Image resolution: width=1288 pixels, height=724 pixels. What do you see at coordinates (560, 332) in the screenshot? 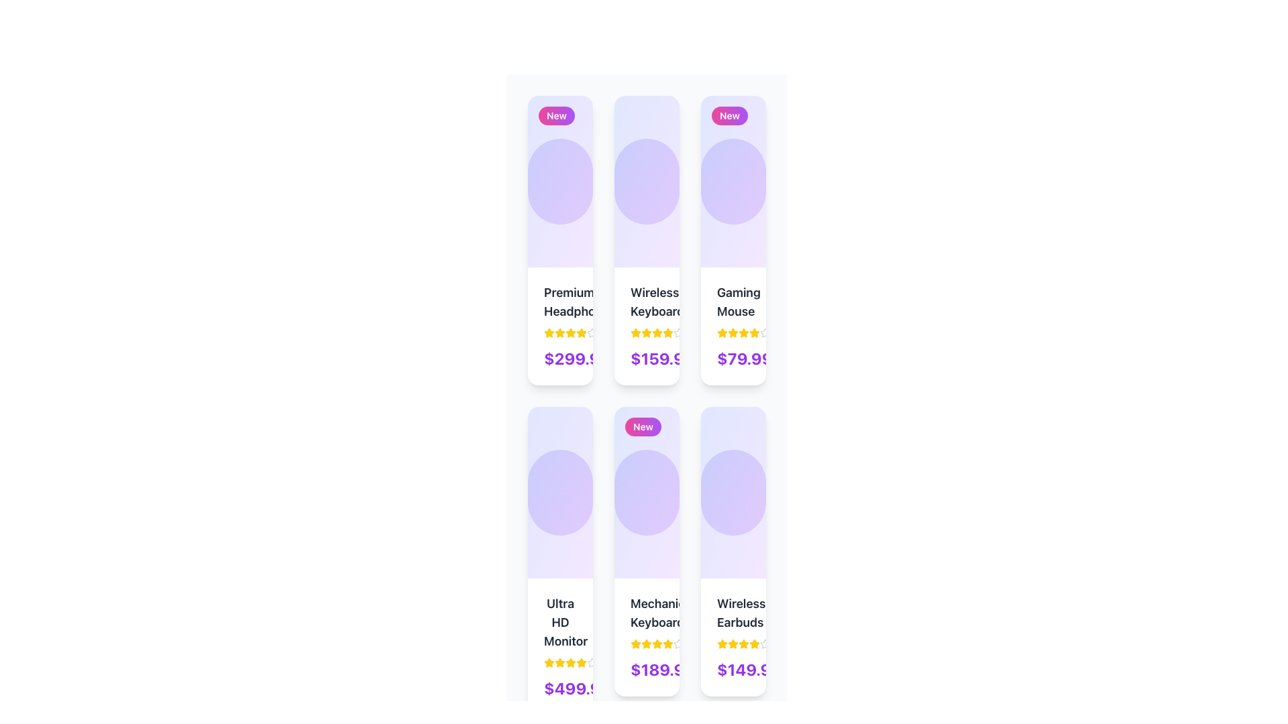
I see `the fourth yellow star icon in the rating system for the 'Premium Headphone' product card` at bounding box center [560, 332].